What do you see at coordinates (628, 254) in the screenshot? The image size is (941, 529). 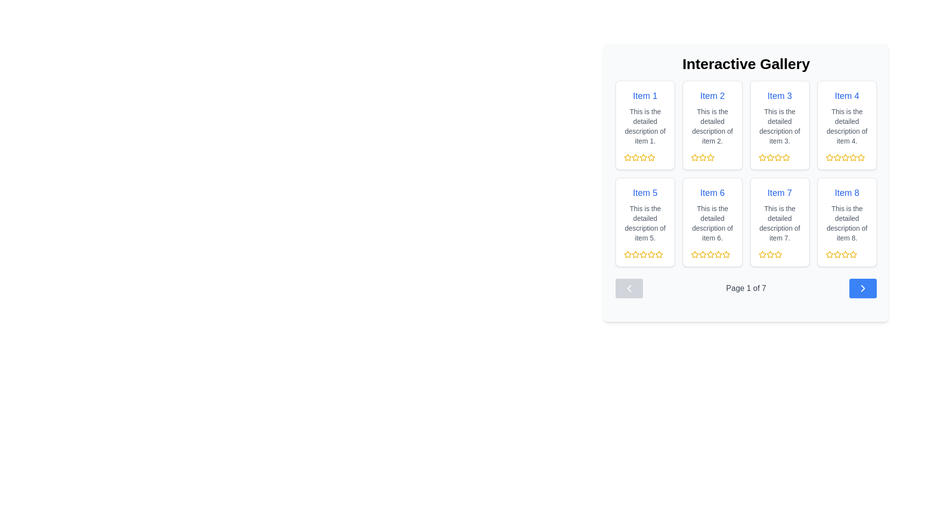 I see `the first yellow outlined star icon representing the rating for 'Item 5' to indicate a potential rating value` at bounding box center [628, 254].